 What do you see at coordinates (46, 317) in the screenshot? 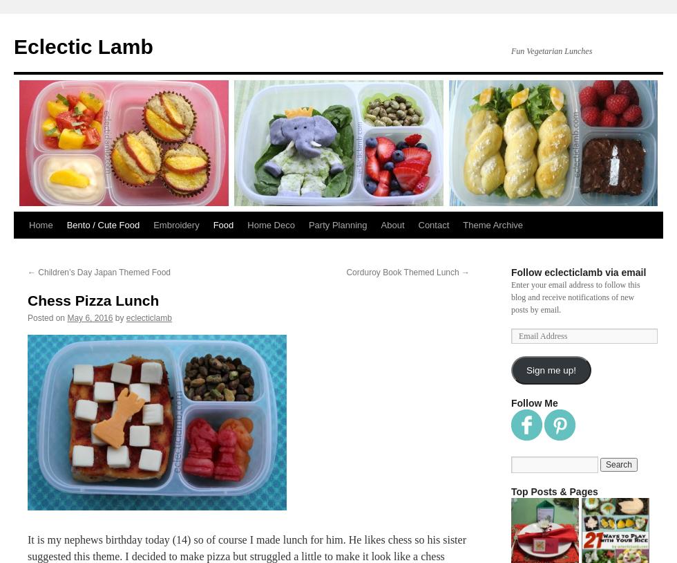
I see `'Posted on'` at bounding box center [46, 317].